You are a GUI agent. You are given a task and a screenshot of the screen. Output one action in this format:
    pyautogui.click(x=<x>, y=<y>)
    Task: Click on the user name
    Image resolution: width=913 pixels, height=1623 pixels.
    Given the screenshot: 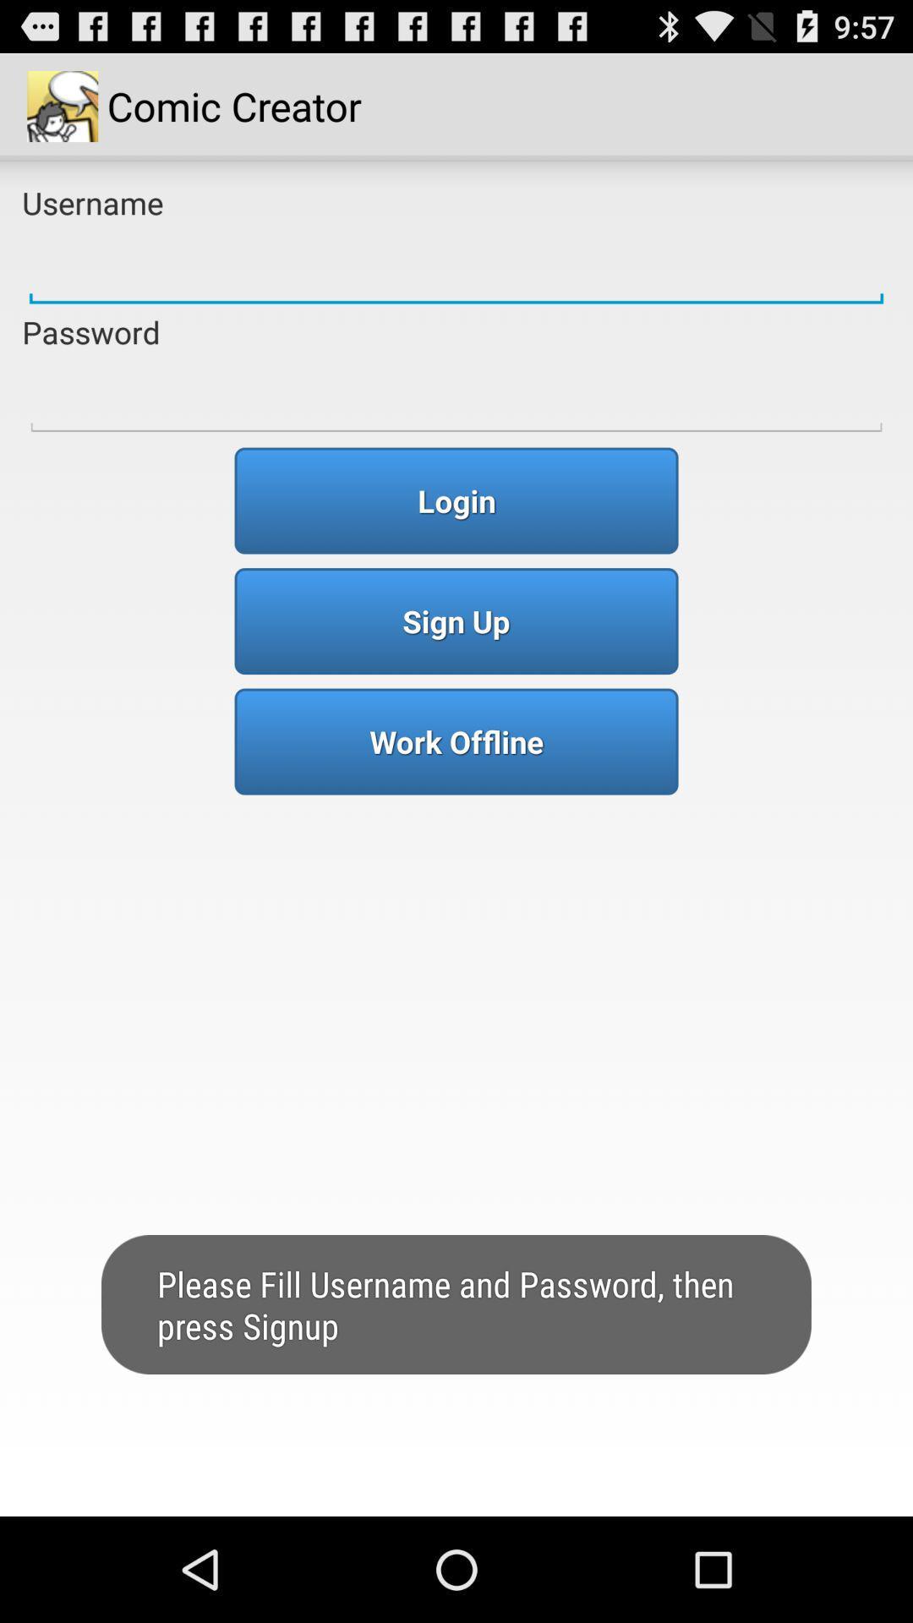 What is the action you would take?
    pyautogui.click(x=456, y=266)
    